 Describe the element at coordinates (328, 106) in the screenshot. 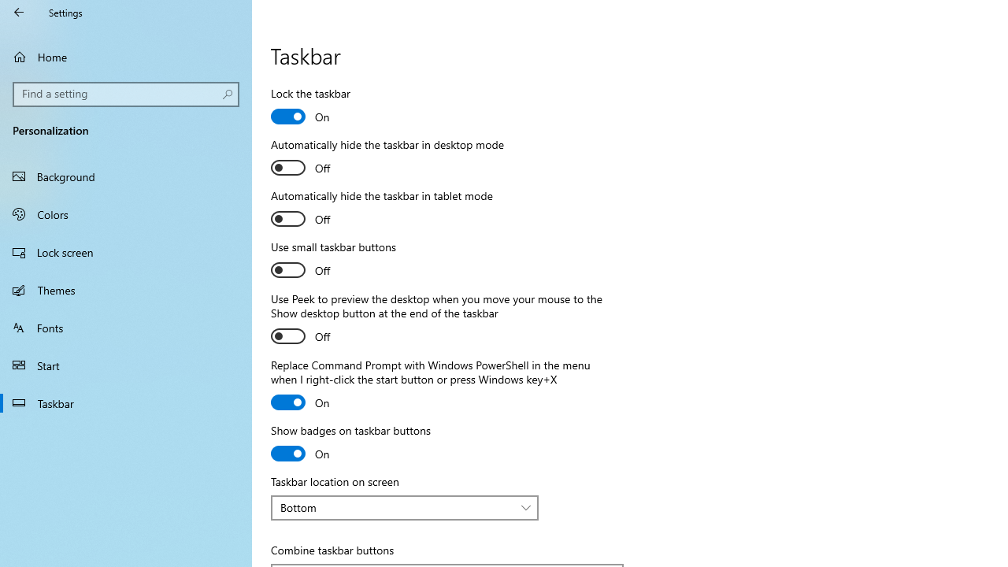

I see `'Lock the taskbar'` at that location.